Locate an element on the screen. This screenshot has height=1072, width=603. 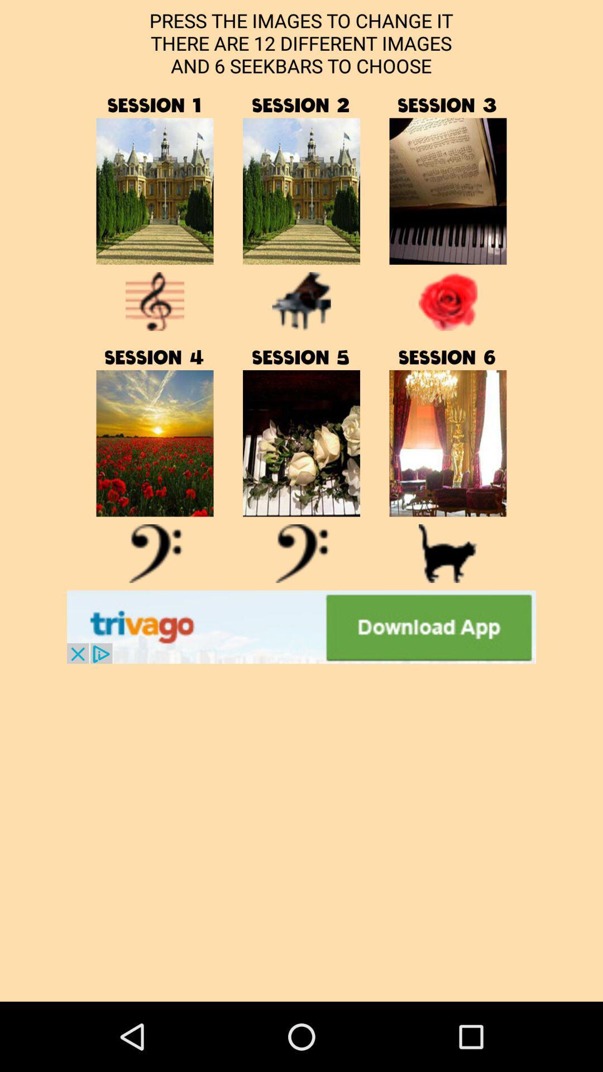
session 2 is located at coordinates (301, 191).